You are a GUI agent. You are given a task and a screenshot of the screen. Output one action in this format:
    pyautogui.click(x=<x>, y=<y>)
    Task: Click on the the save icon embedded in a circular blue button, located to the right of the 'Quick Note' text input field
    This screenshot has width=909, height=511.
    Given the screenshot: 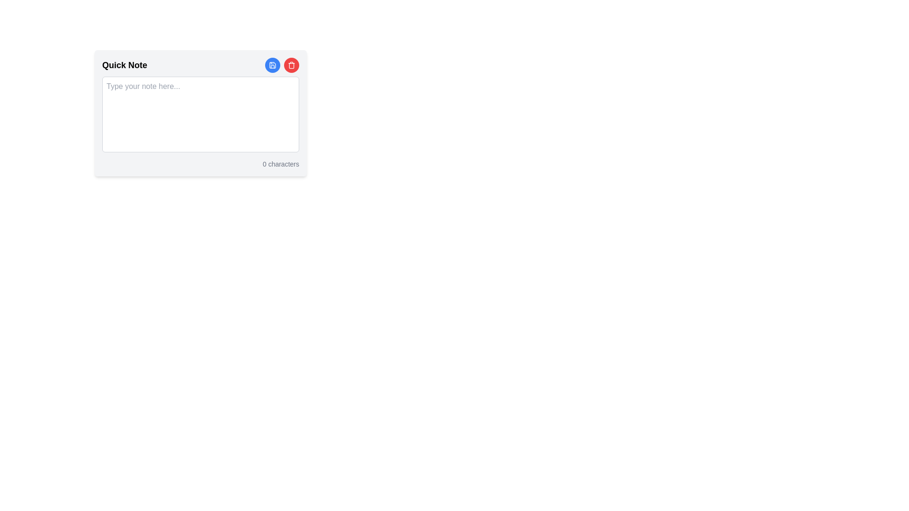 What is the action you would take?
    pyautogui.click(x=272, y=65)
    